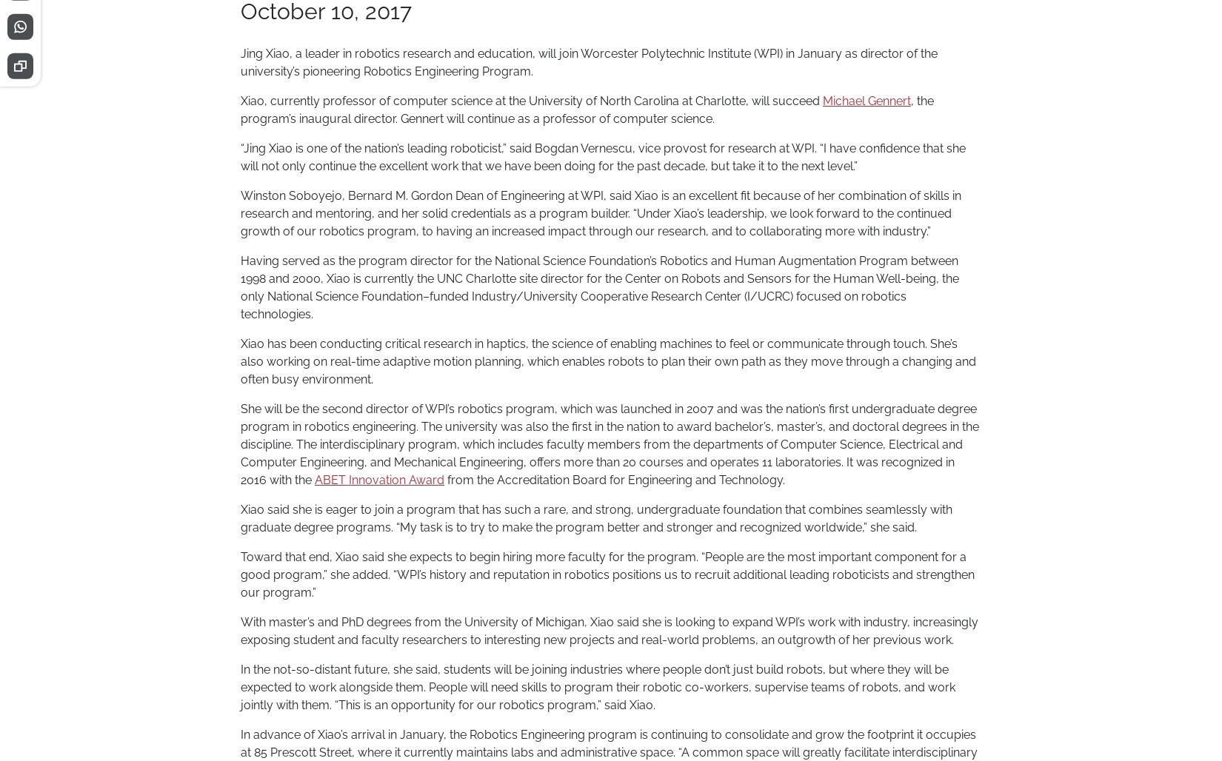 This screenshot has width=1222, height=761. What do you see at coordinates (607, 361) in the screenshot?
I see `'Xiao has been conducting critical research in haptics, the science of enabling machines to feel or communicate through touch. She’s also working on real-time adaptive motion planning, which enables robots to plan their own path as they move through a changing and often busy environment.'` at bounding box center [607, 361].